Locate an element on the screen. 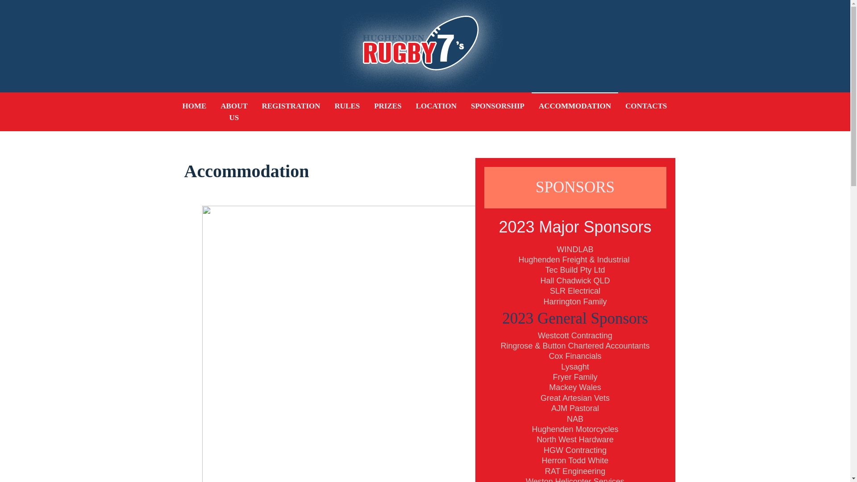 The image size is (857, 482). 'ABOUT US' is located at coordinates (213, 111).